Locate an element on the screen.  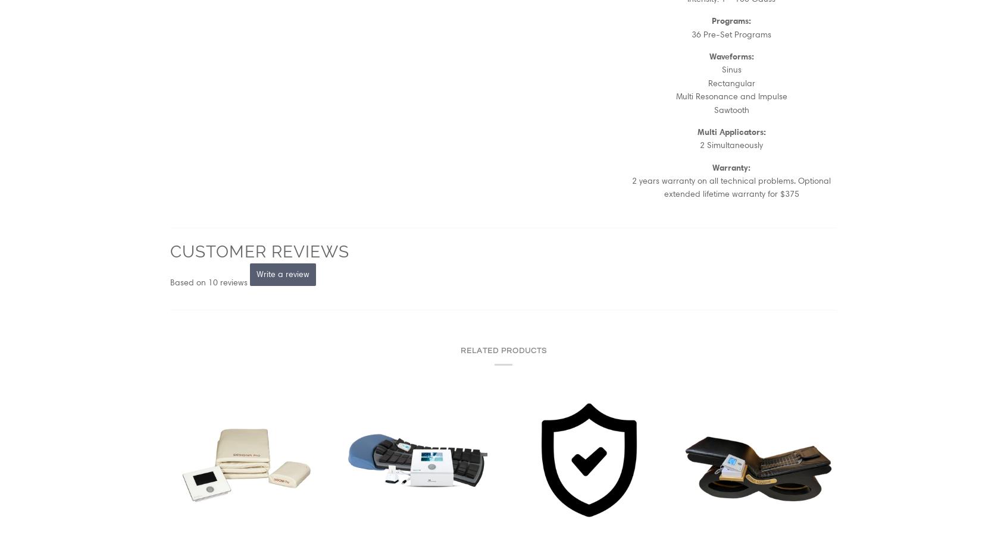
'Multi Applicators:' is located at coordinates (731, 131).